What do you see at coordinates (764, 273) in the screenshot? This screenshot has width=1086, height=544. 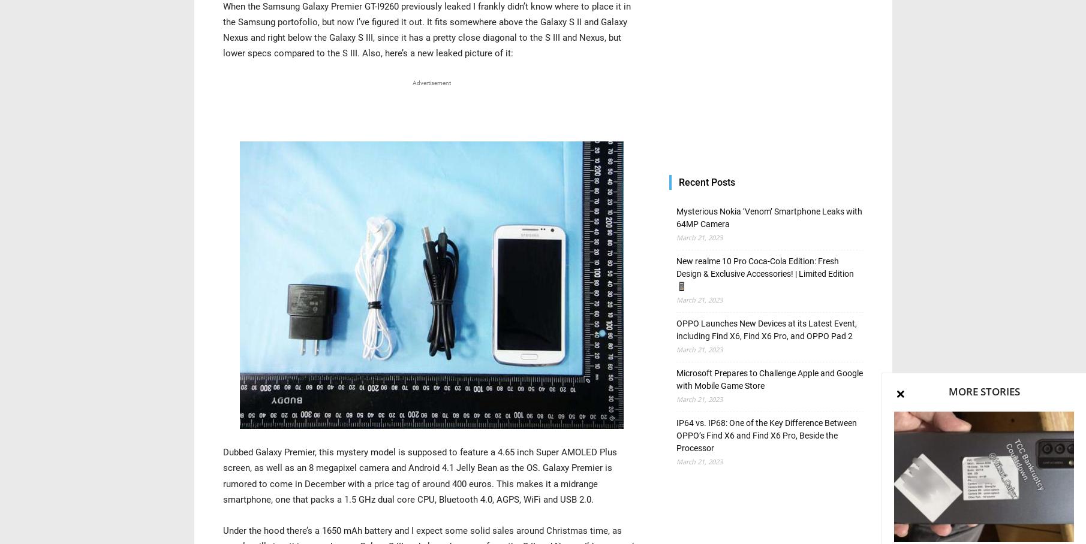 I see `'New realme 10 Pro Coca-Cola Edition: Fresh Design & Exclusive Accessories! | Limited Edition 📱'` at bounding box center [764, 273].